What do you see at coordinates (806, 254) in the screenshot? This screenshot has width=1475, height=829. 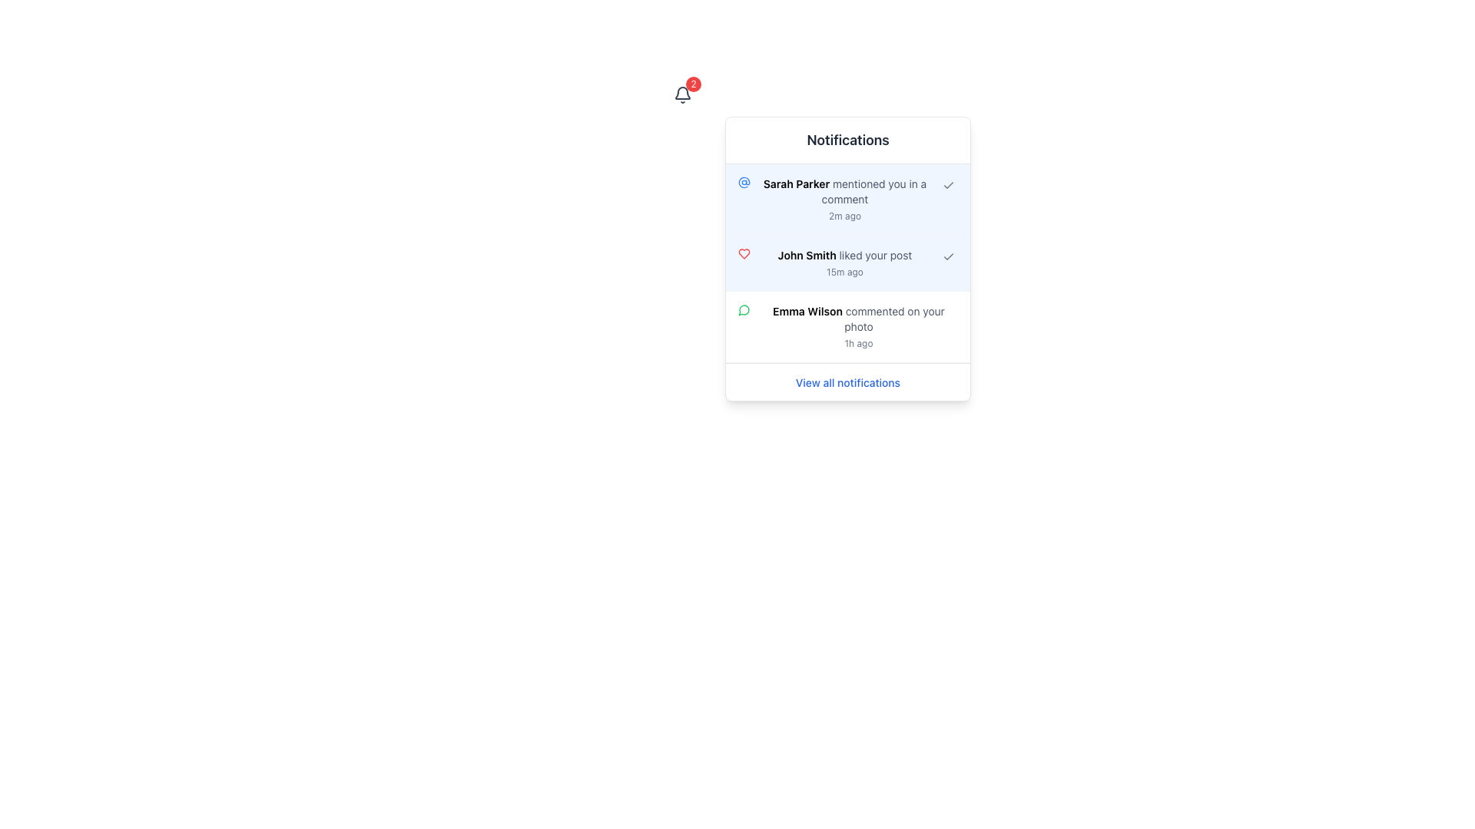 I see `the text element that displays 'John Smith' in the second notification of the notifications panel` at bounding box center [806, 254].